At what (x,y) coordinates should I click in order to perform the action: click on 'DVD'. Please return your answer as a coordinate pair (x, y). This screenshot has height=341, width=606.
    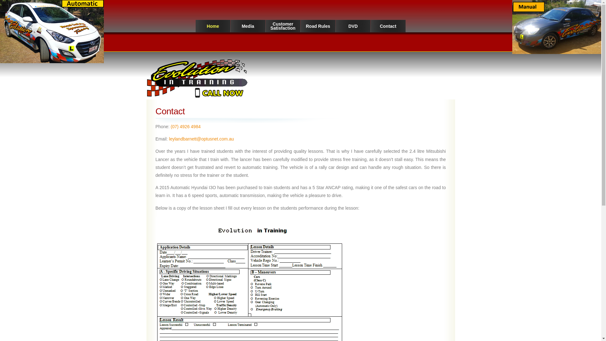
    Looking at the image, I should click on (353, 26).